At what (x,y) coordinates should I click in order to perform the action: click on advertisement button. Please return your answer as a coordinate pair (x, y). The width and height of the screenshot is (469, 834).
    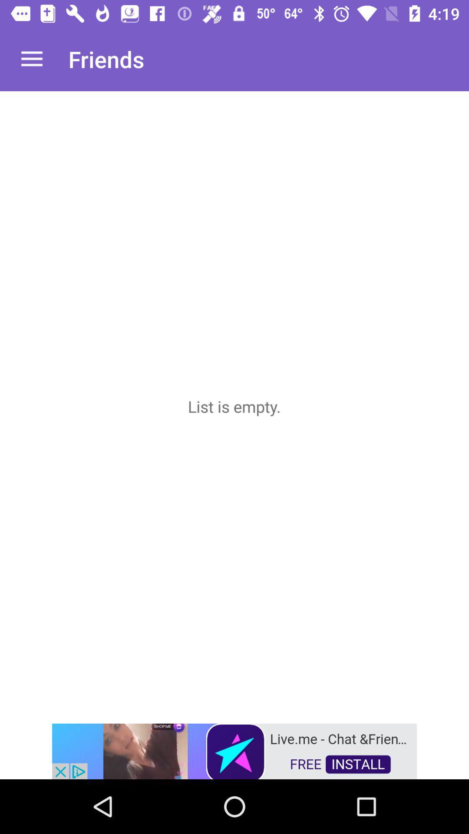
    Looking at the image, I should click on (234, 750).